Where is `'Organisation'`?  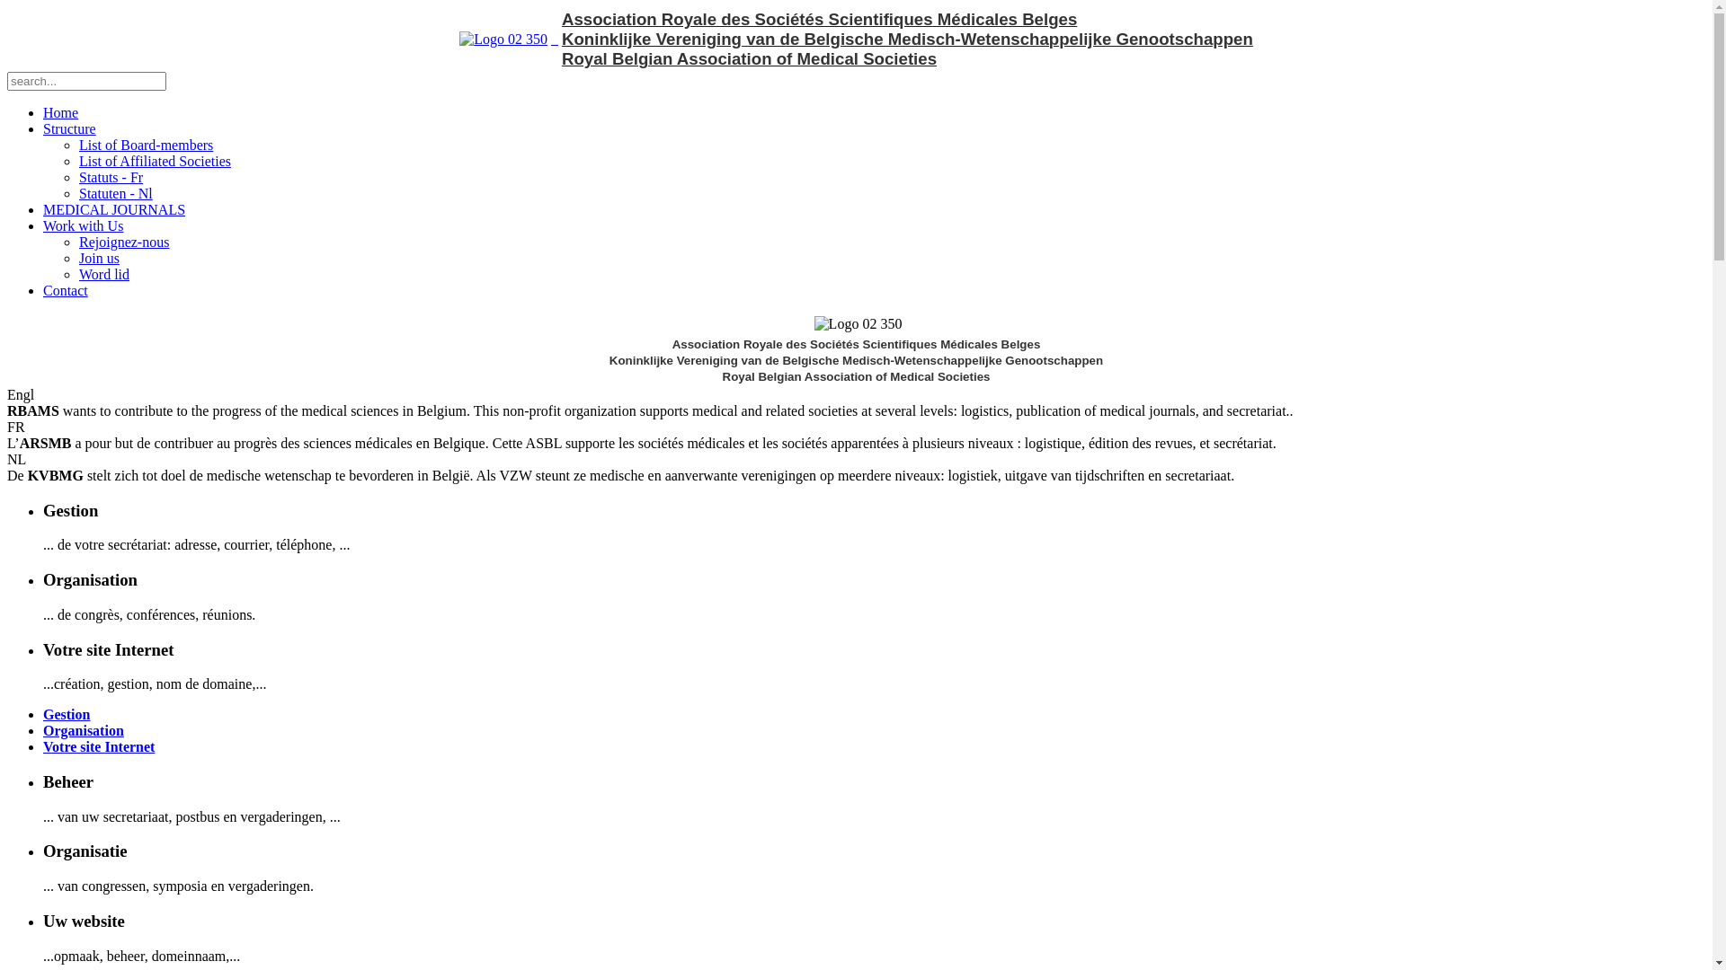 'Organisation' is located at coordinates (82, 730).